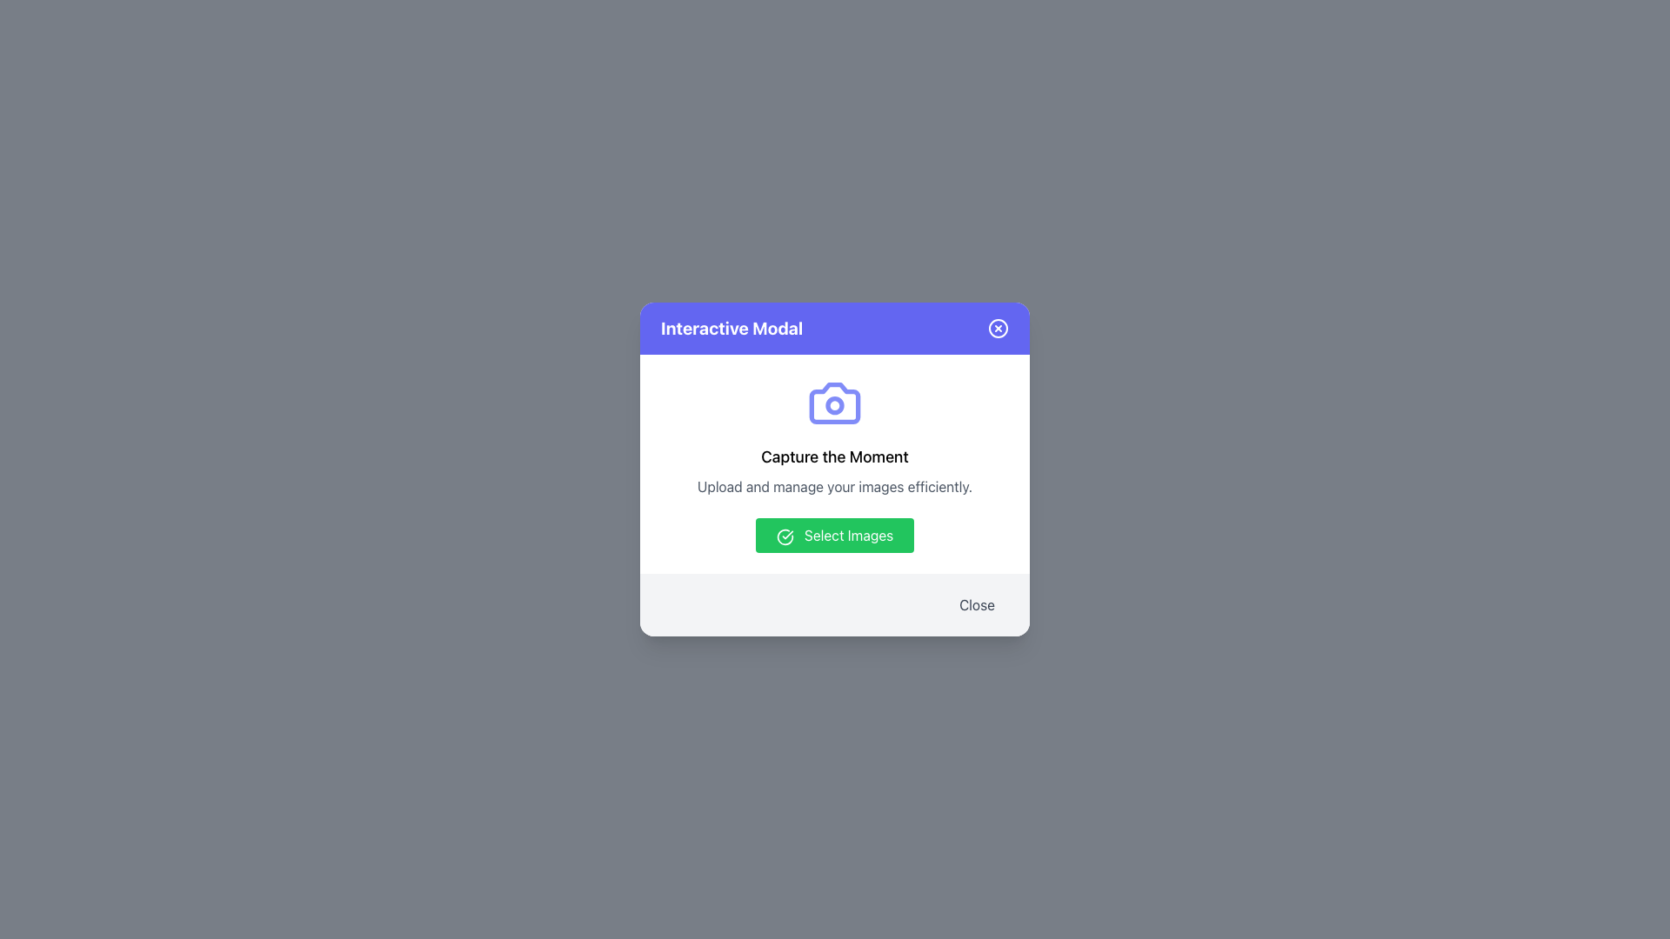 This screenshot has height=939, width=1670. I want to click on the close button located at the top right corner of the modal dialog's header, so click(998, 329).